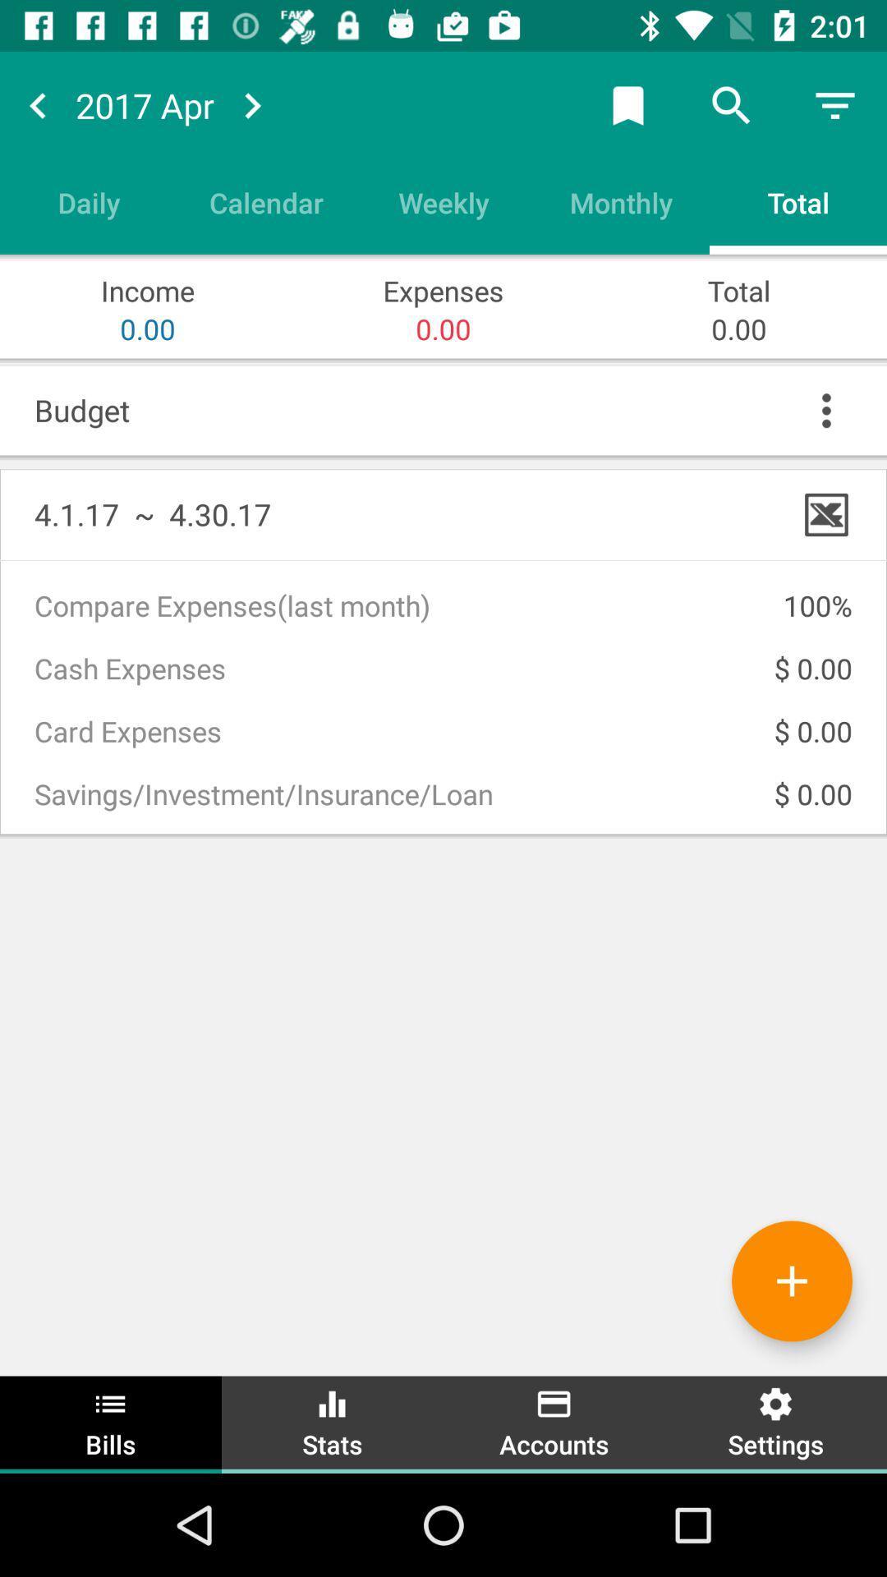  What do you see at coordinates (37, 104) in the screenshot?
I see `next` at bounding box center [37, 104].